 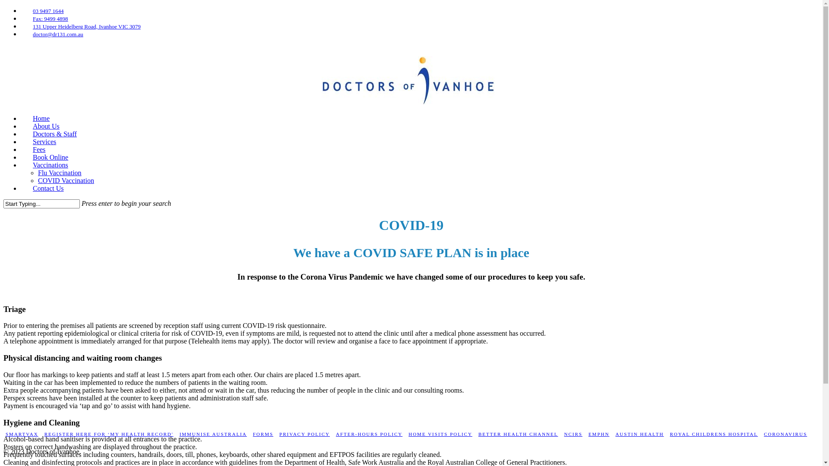 I want to click on 'Book Online', so click(x=50, y=157).